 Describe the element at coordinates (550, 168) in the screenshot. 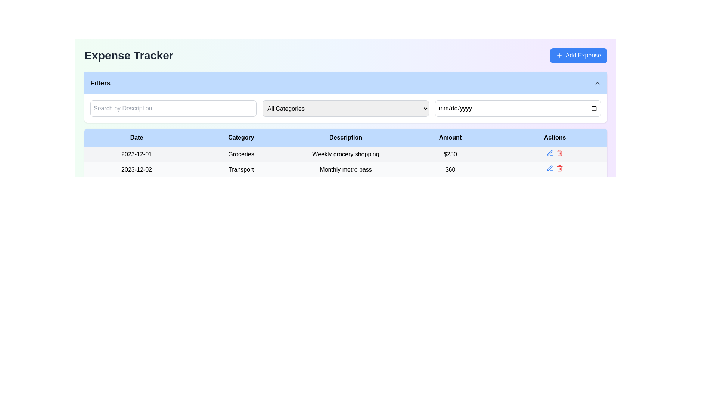

I see `the blue pen-shaped icon button in the 'Actions' column of the second row of the table` at that location.